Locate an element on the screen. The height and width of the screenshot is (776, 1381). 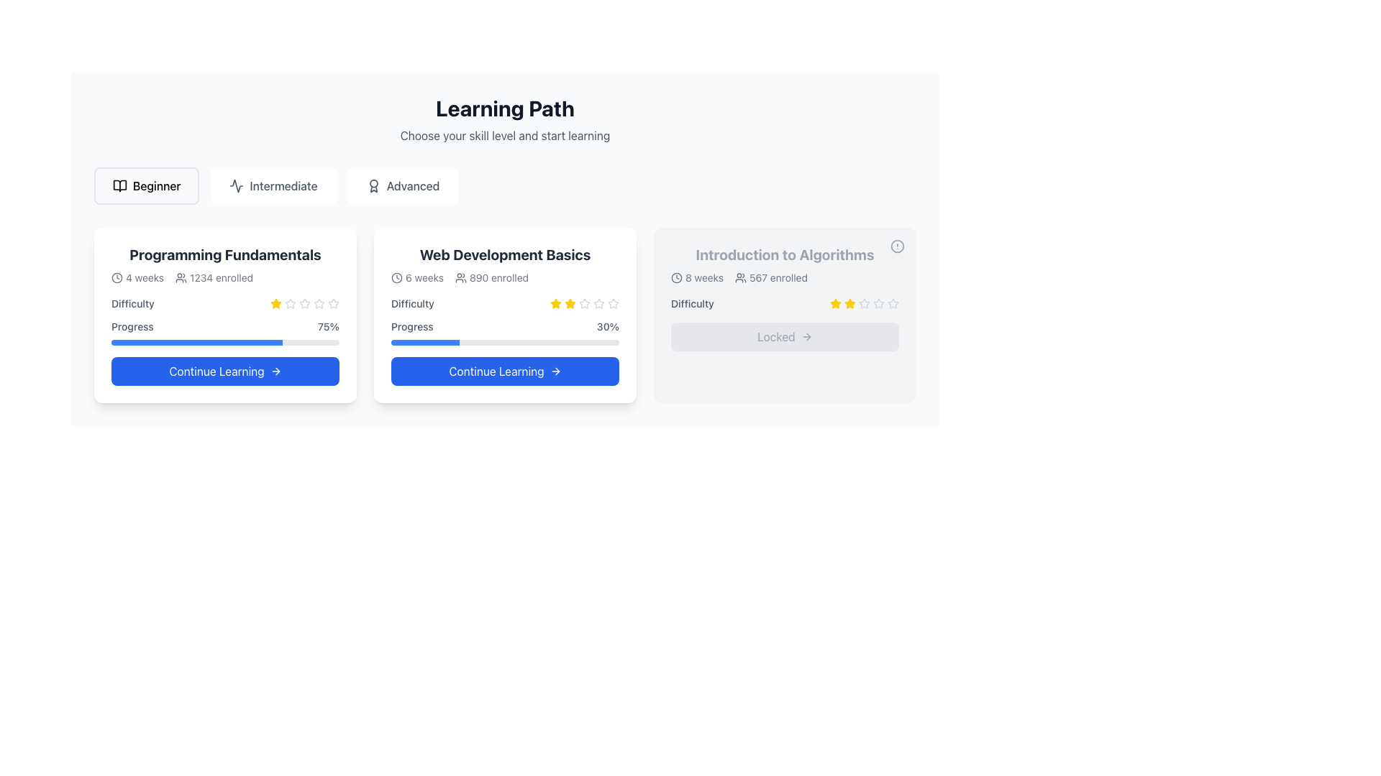
the fifth star icon outlined in gray with no fill color in the difficulty rating section of the 'Introduction to Algorithms' course card is located at coordinates (878, 303).